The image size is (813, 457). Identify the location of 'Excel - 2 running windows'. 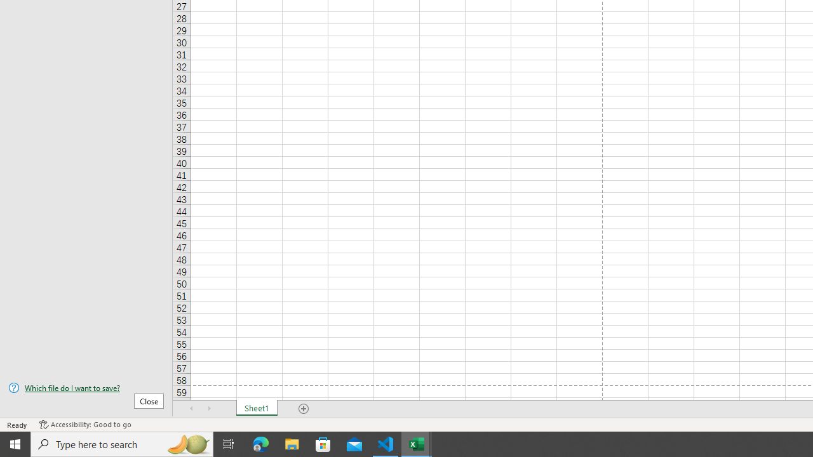
(417, 443).